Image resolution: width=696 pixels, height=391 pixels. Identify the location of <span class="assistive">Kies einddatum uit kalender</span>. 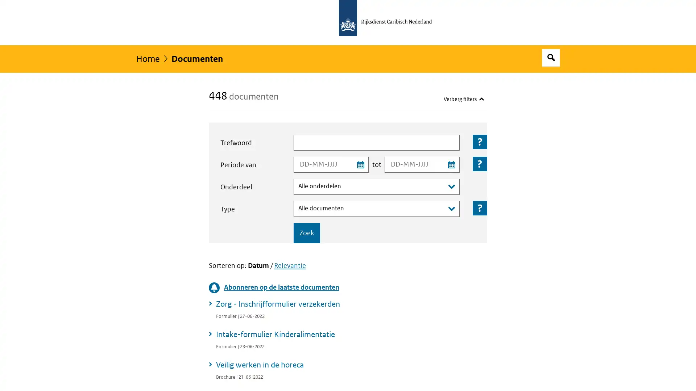
(451, 164).